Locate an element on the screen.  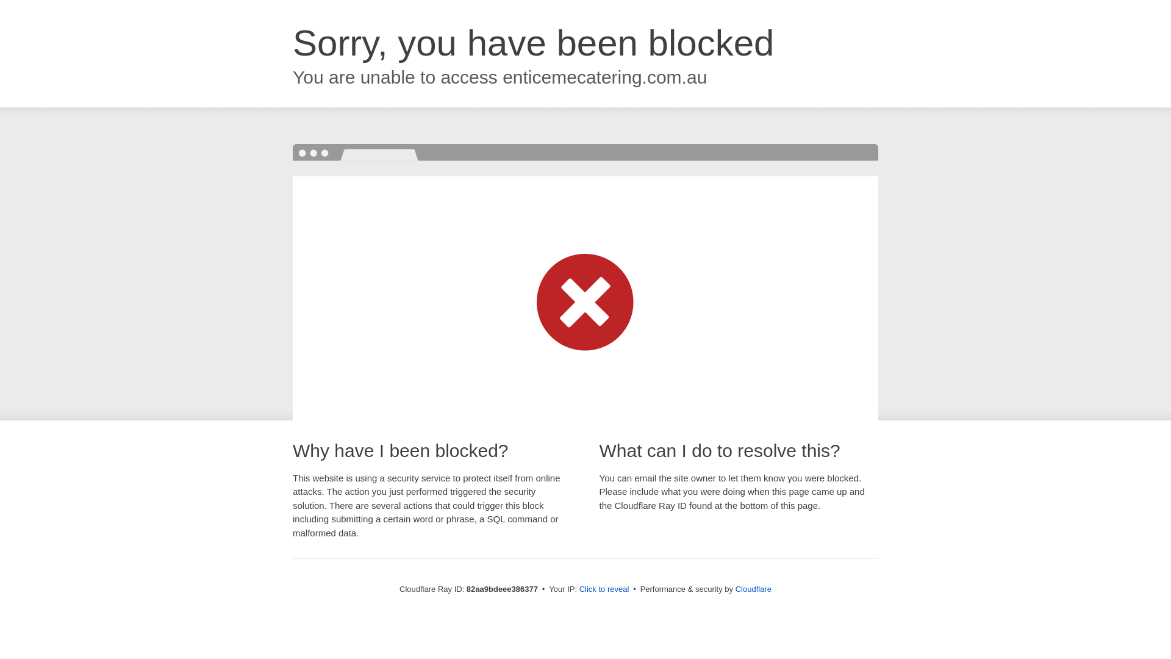
'Cloudflare' is located at coordinates (753, 588).